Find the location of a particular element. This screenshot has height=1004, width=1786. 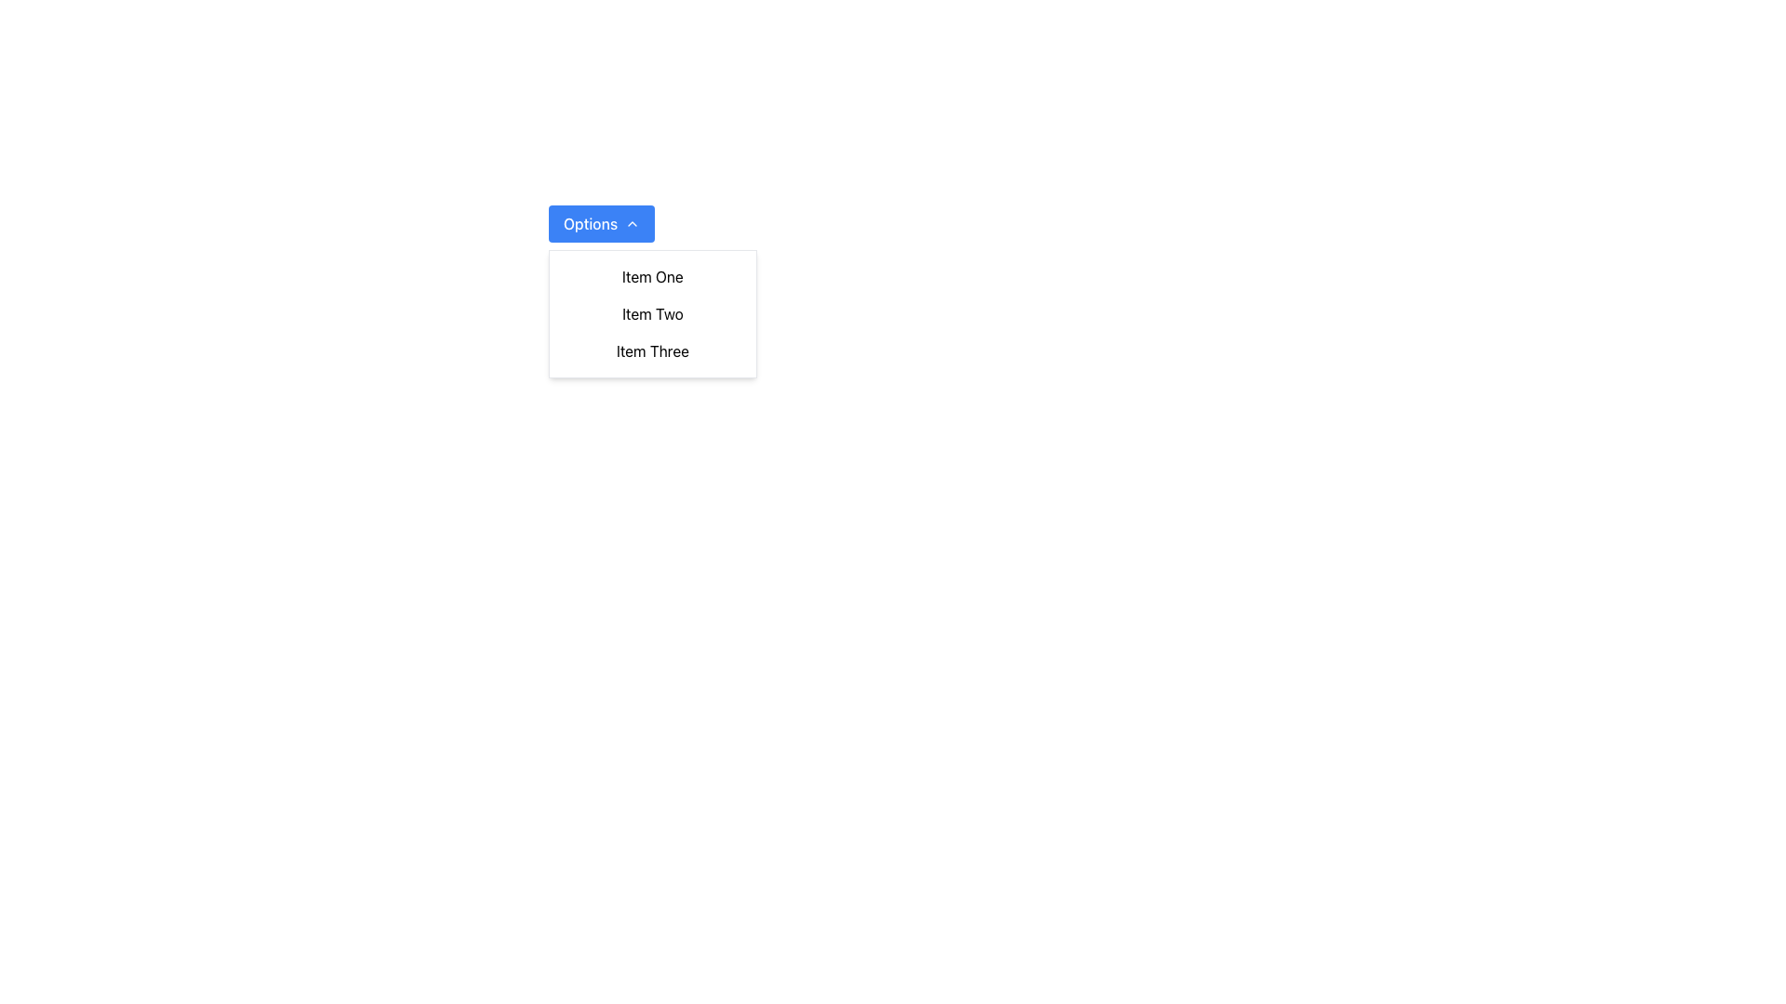

the blue 'Options' button with a downwards chevron icon is located at coordinates (602, 222).